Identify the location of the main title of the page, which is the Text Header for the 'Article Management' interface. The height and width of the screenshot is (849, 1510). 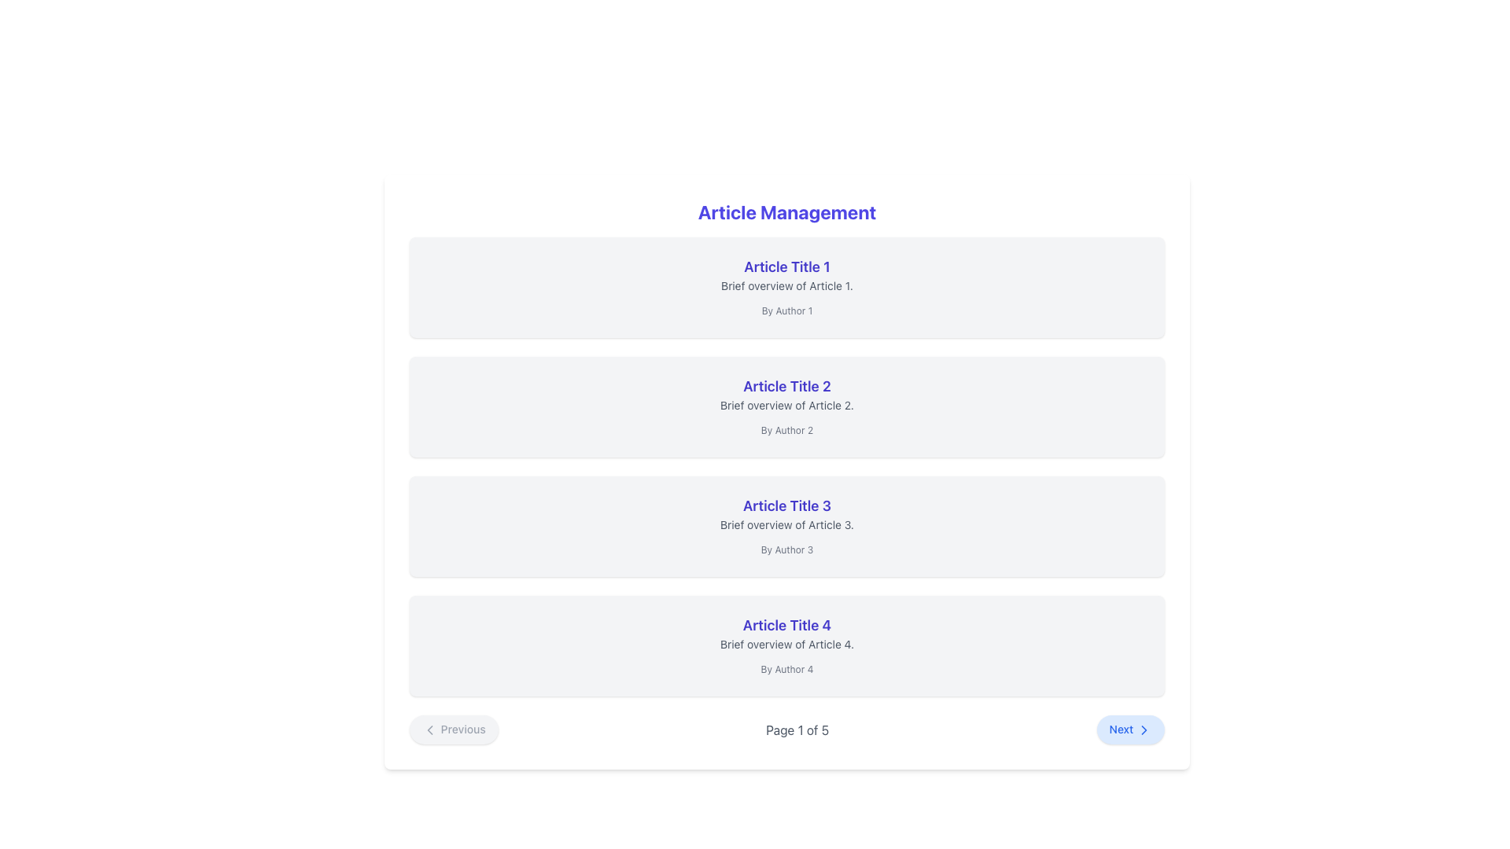
(787, 212).